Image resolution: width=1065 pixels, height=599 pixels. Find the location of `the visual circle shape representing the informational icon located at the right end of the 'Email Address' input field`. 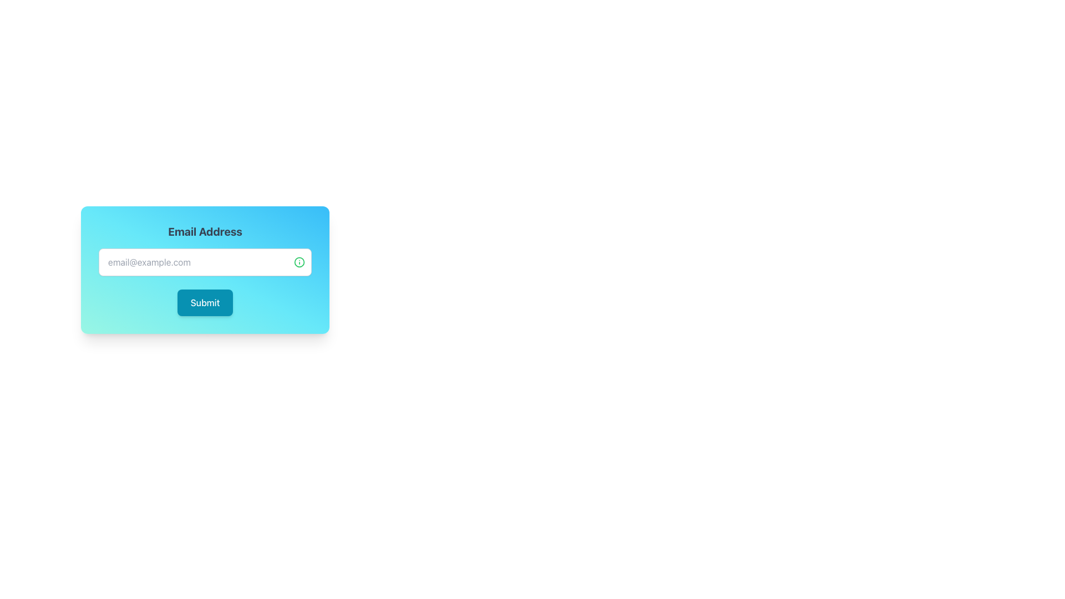

the visual circle shape representing the informational icon located at the right end of the 'Email Address' input field is located at coordinates (299, 262).